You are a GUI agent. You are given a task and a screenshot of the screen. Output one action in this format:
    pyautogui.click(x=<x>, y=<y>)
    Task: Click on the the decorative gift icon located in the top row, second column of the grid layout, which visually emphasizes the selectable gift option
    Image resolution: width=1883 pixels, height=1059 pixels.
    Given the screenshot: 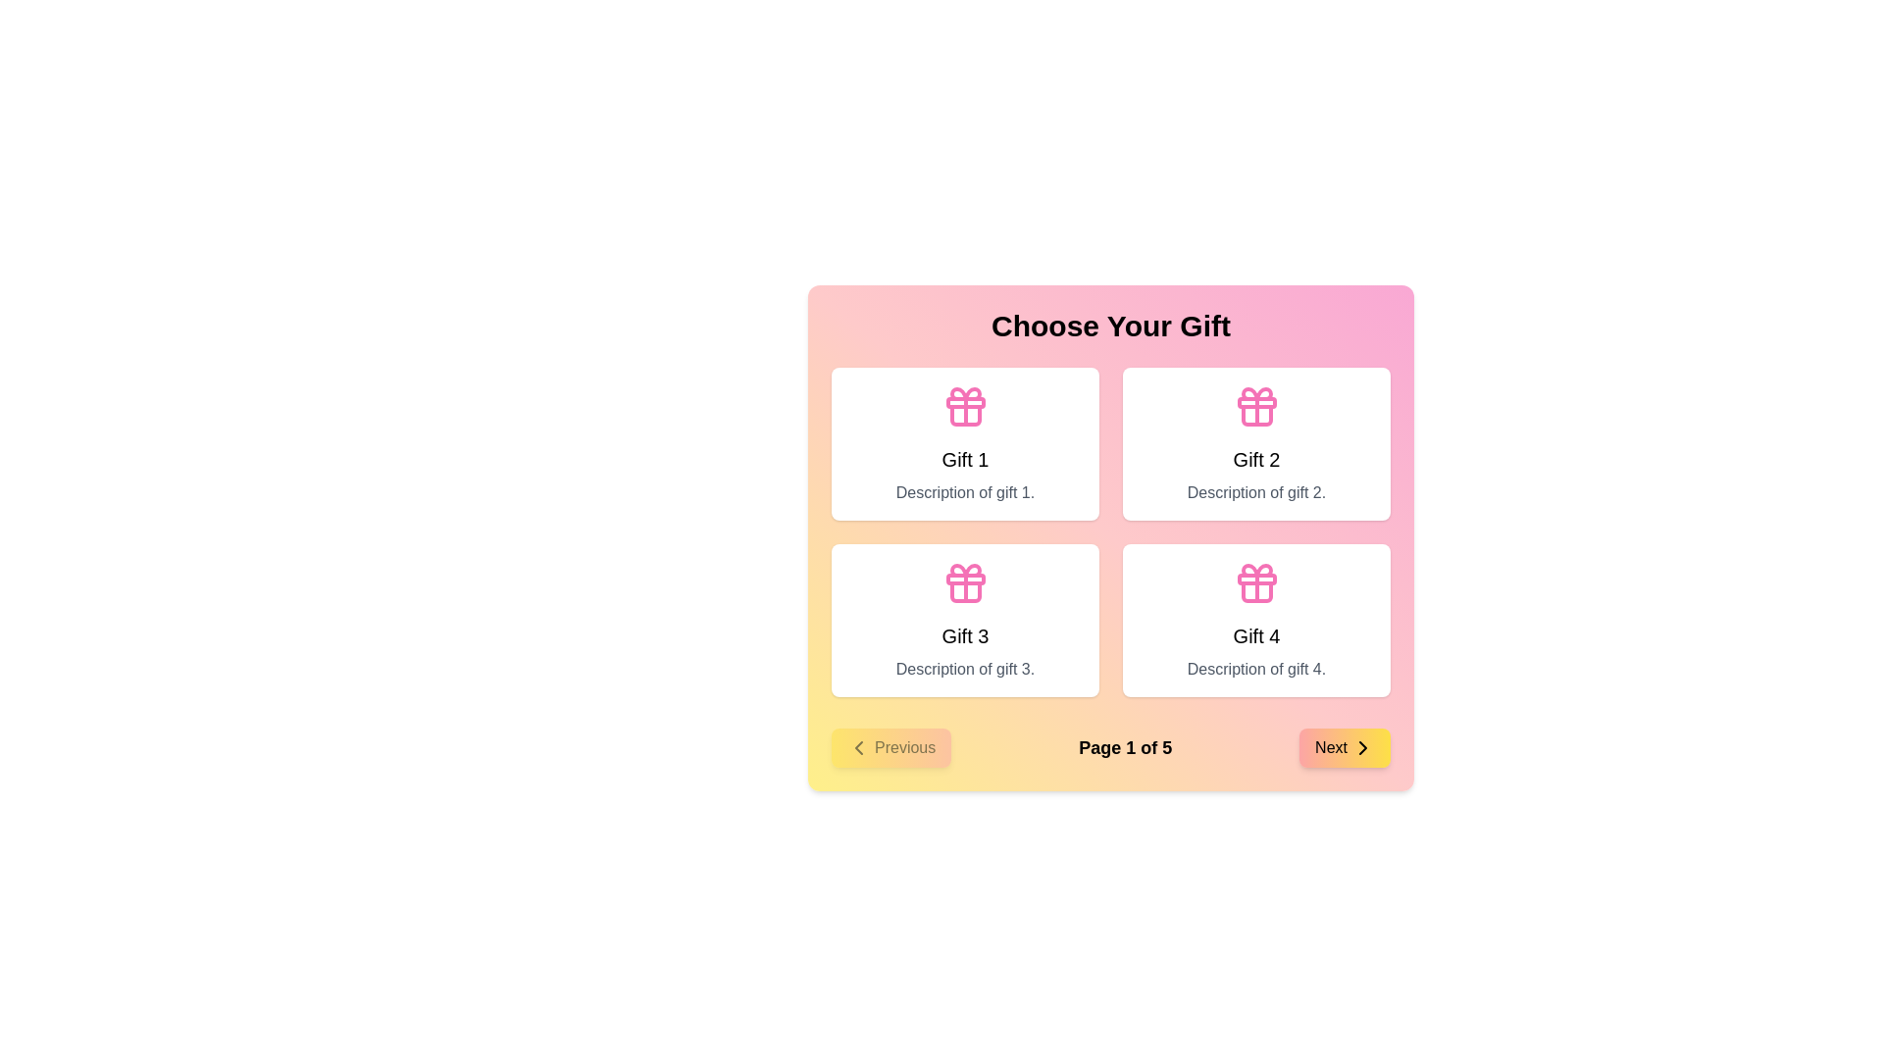 What is the action you would take?
    pyautogui.click(x=1256, y=406)
    